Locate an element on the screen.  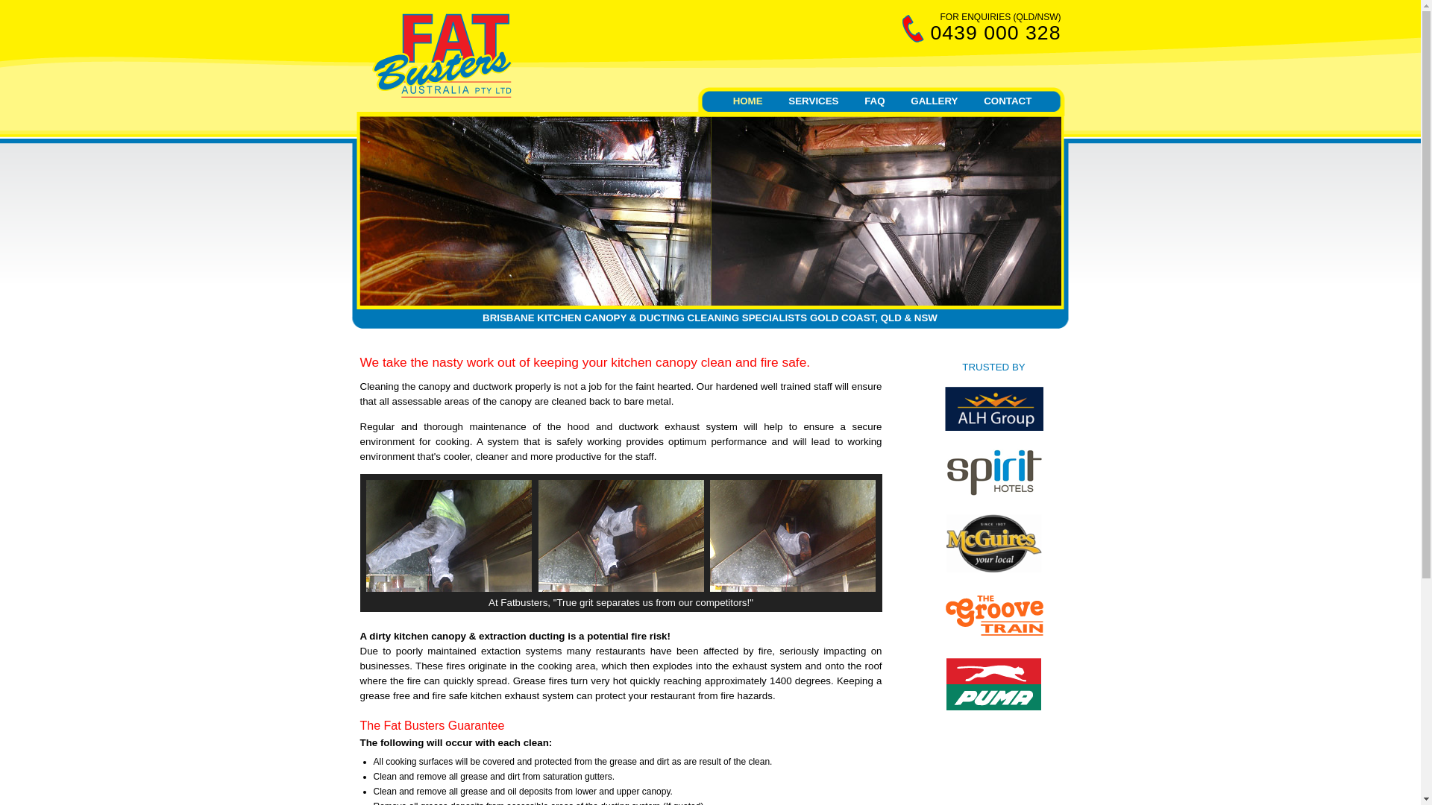
'FAQ' is located at coordinates (874, 101).